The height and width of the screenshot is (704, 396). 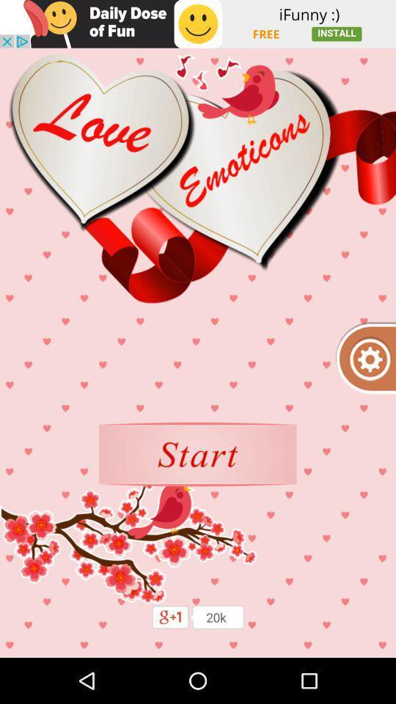 What do you see at coordinates (364, 357) in the screenshot?
I see `settings option` at bounding box center [364, 357].